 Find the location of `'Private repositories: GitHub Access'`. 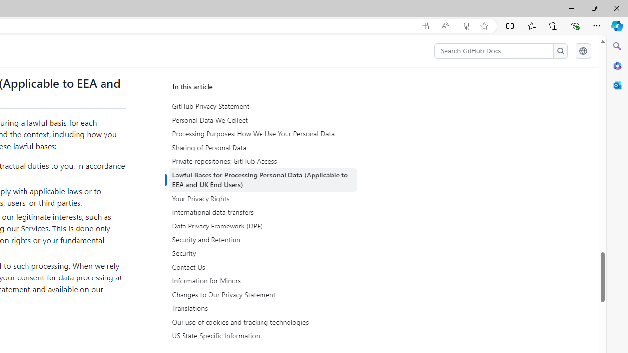

'Private repositories: GitHub Access' is located at coordinates (264, 161).